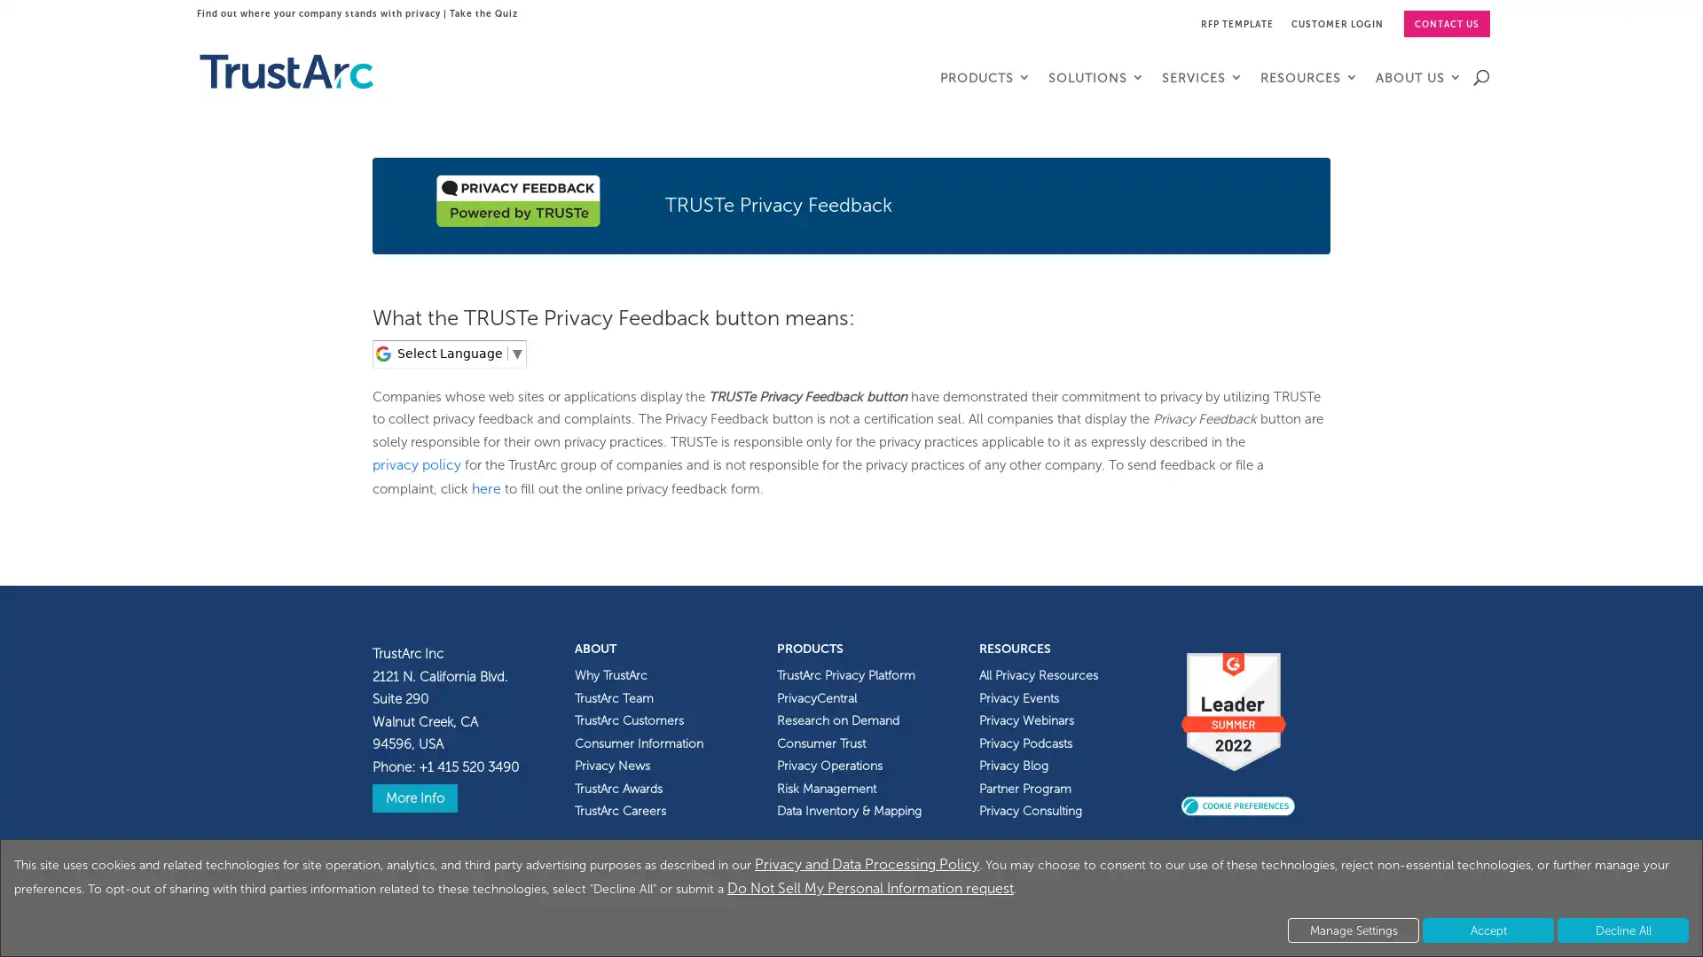  What do you see at coordinates (1074, 936) in the screenshot?
I see `View information about this site's accessibility` at bounding box center [1074, 936].